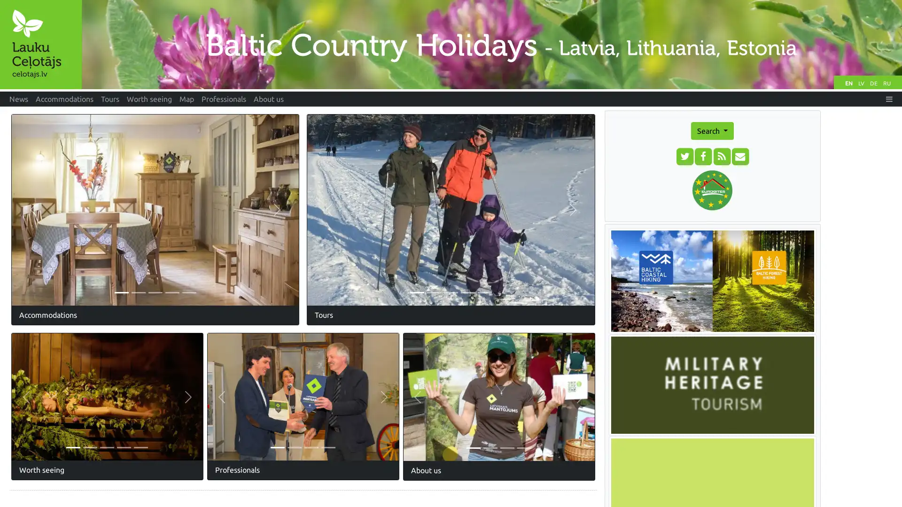 The height and width of the screenshot is (507, 902). Describe the element at coordinates (33, 209) in the screenshot. I see `Previous` at that location.